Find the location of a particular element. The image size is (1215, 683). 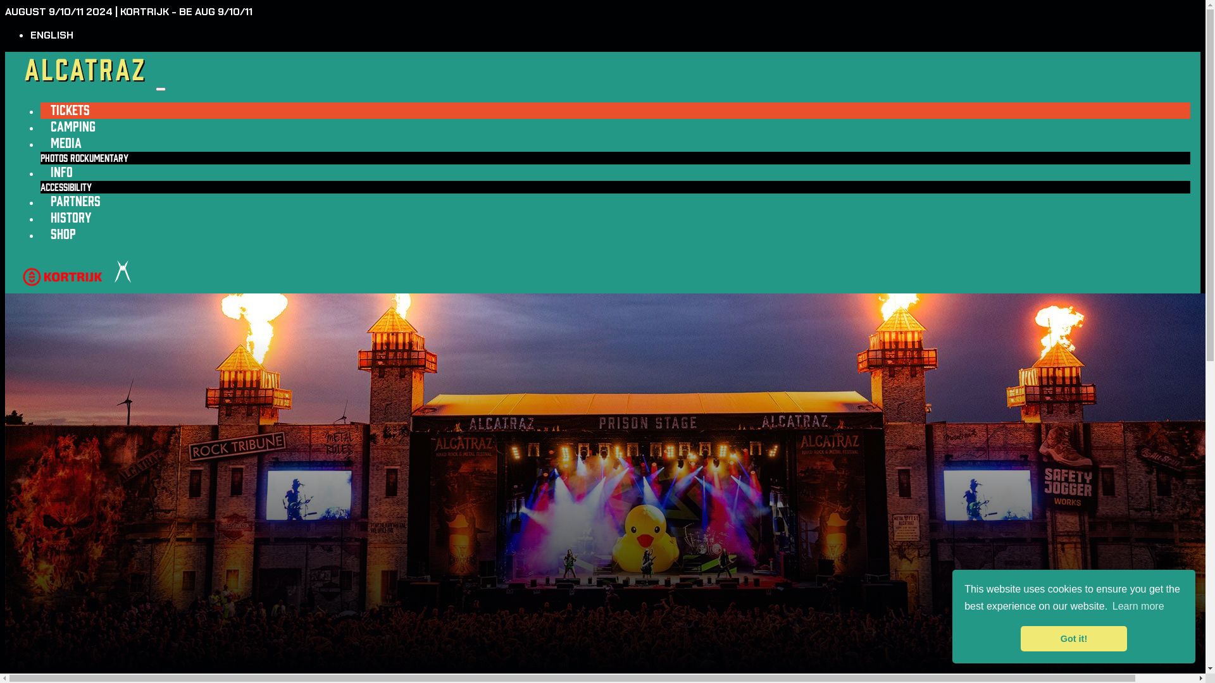

'SHOP' is located at coordinates (63, 234).